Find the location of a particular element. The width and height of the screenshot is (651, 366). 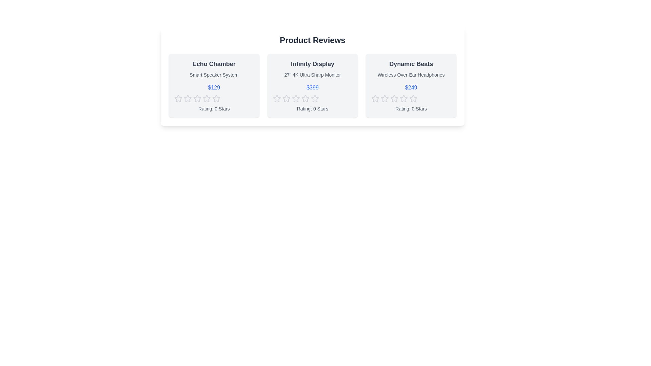

the third star icon in the five-star rating system for the 'Dynamic Beats' product located in the 'Product Reviews' section is located at coordinates (385, 98).